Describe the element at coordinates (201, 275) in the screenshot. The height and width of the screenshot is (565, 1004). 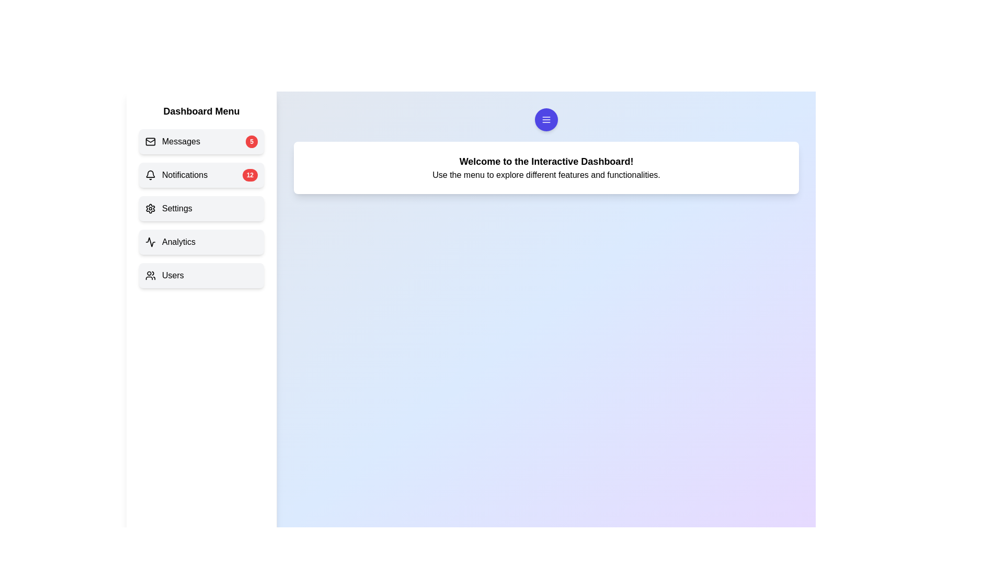
I see `the menu item Users` at that location.